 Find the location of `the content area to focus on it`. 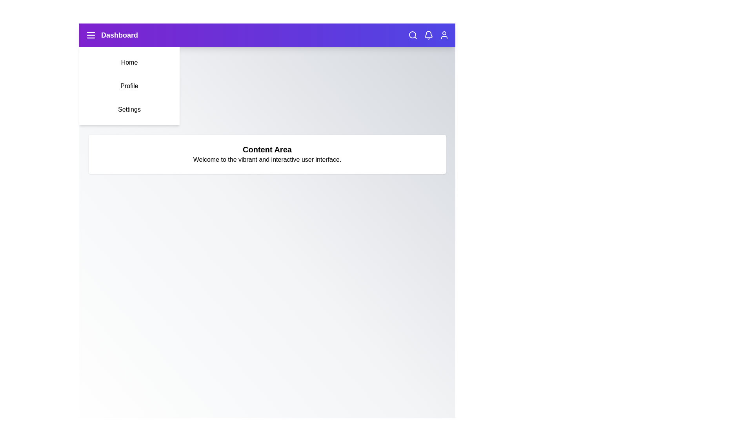

the content area to focus on it is located at coordinates (267, 154).